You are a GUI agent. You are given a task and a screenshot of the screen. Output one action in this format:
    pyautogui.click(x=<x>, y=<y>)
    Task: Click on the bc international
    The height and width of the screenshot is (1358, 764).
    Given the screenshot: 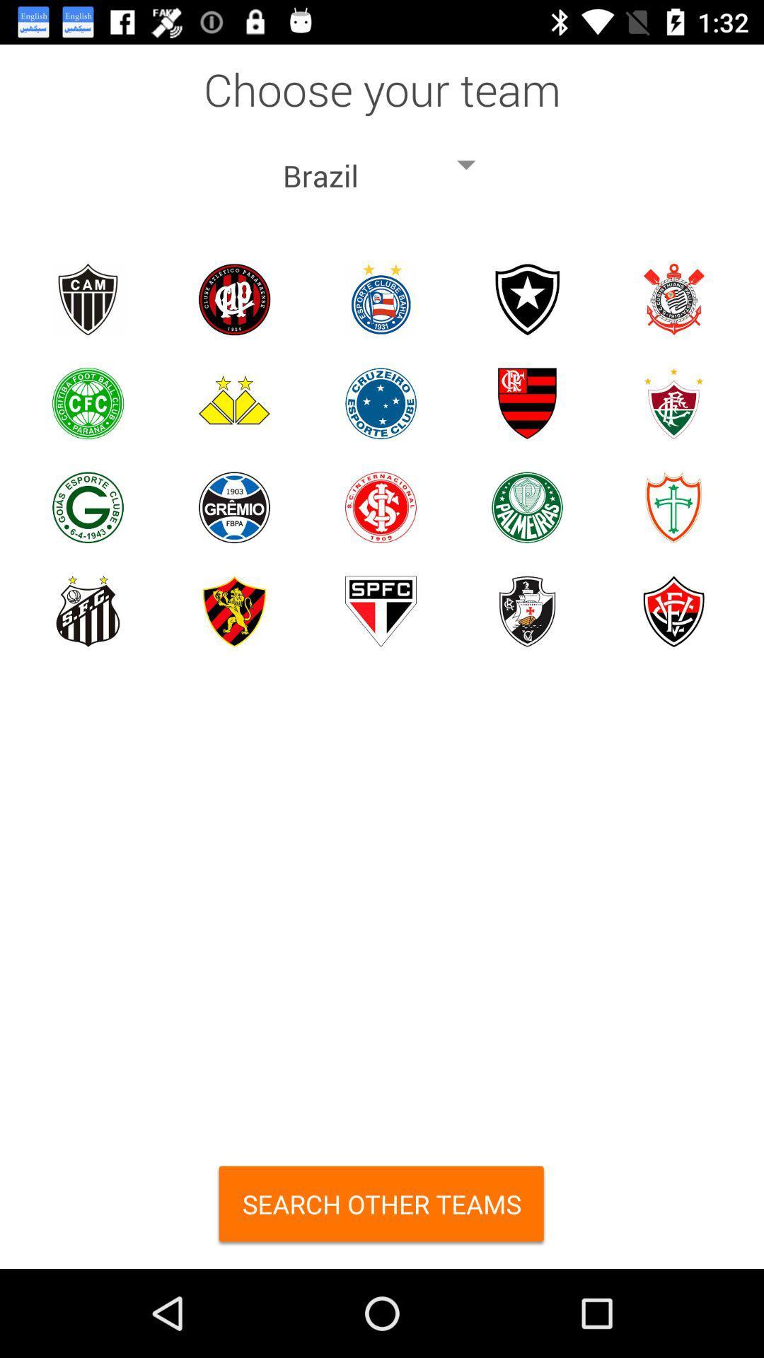 What is the action you would take?
    pyautogui.click(x=380, y=507)
    